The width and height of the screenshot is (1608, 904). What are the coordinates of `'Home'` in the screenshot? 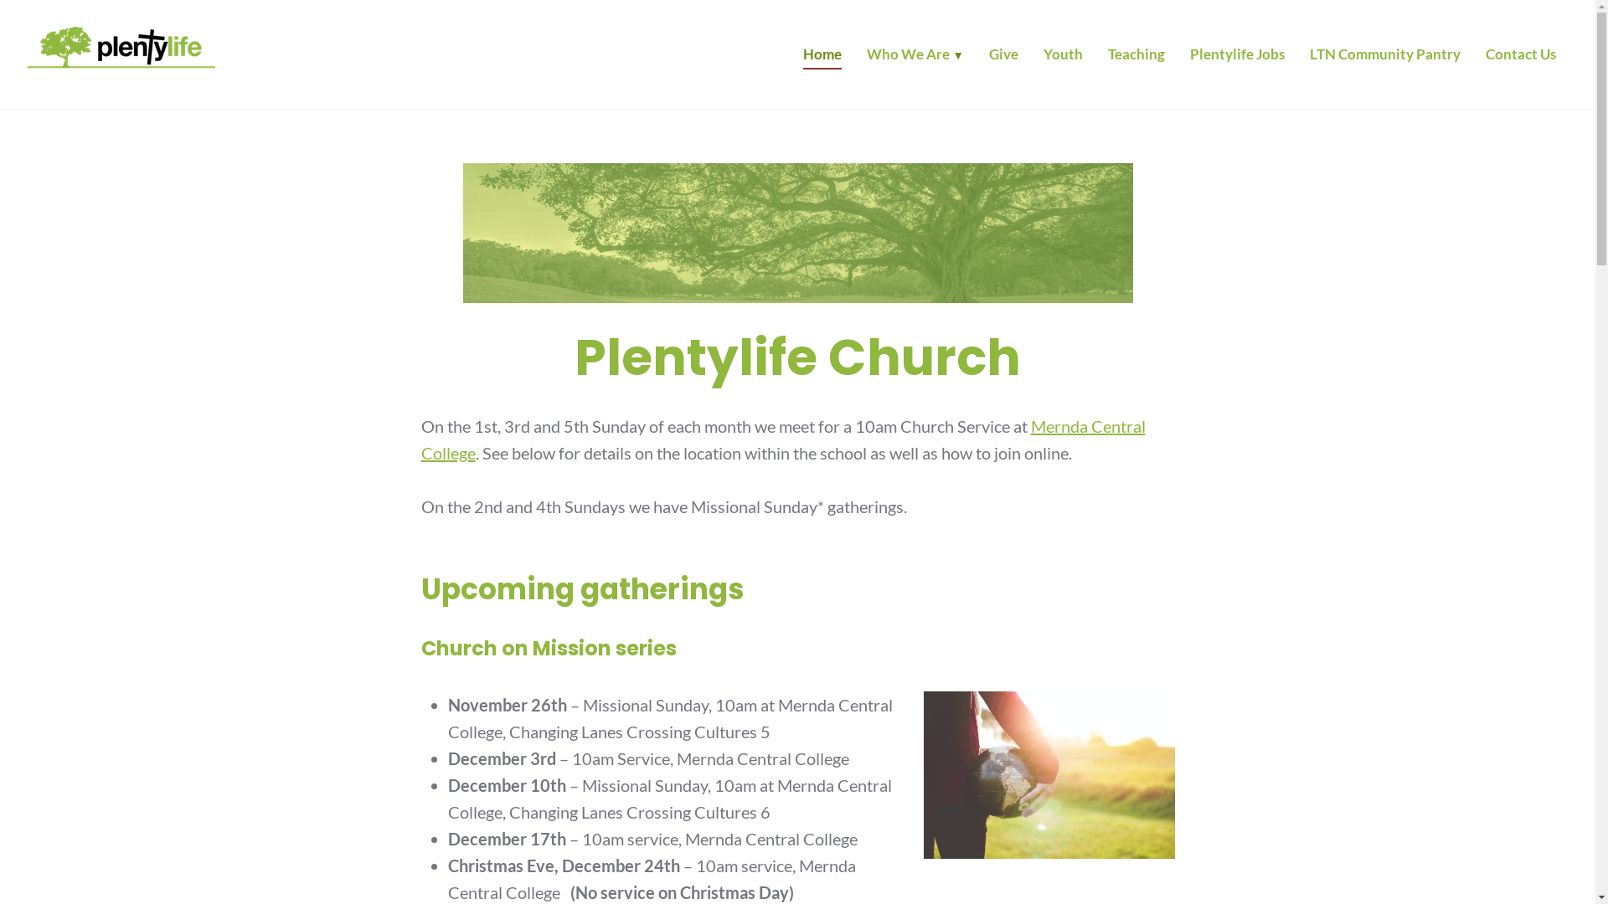 It's located at (822, 56).